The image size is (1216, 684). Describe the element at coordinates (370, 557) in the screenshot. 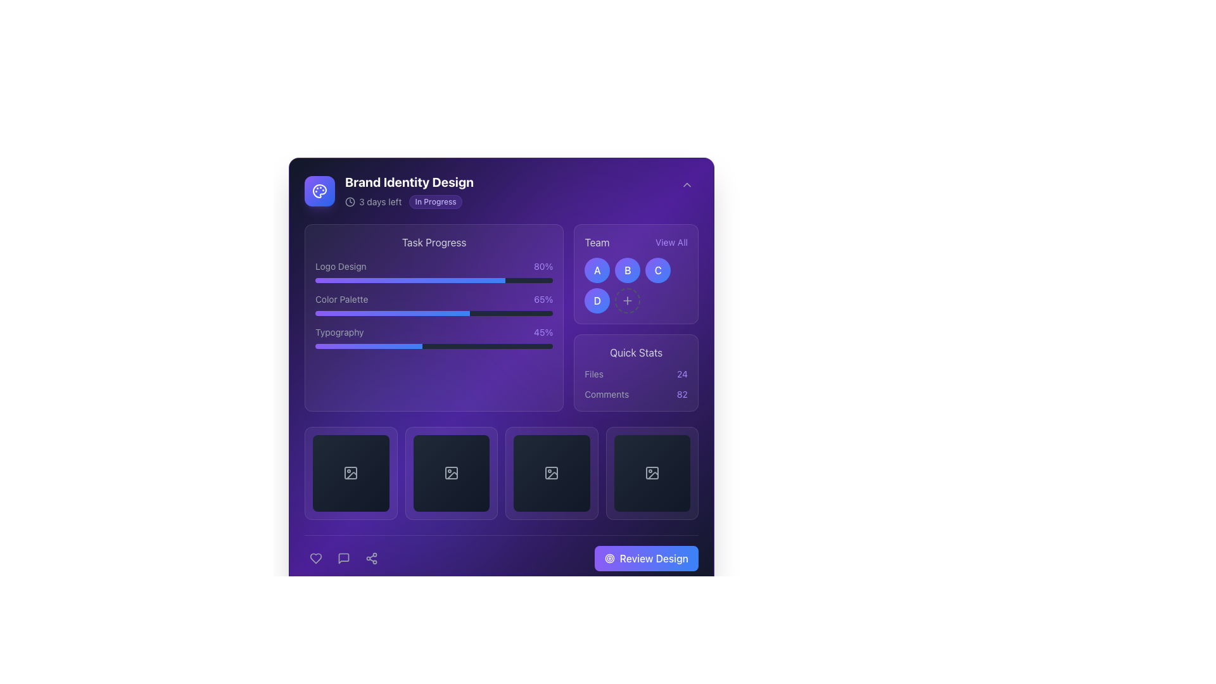

I see `the third icon from the left at the bottom-center of the interface` at that location.